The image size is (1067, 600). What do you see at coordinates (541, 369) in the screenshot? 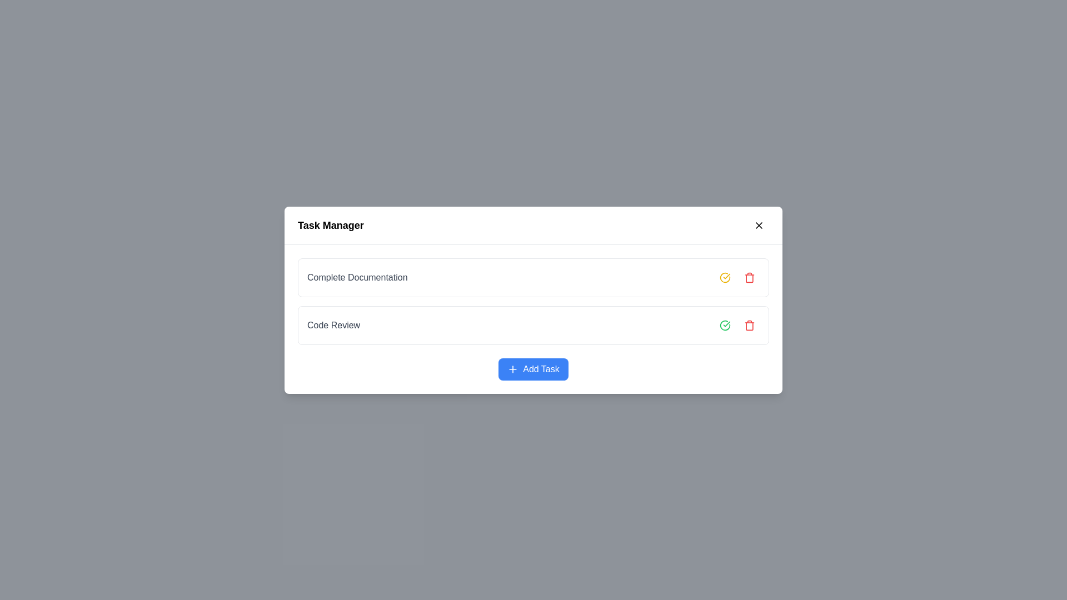
I see `the 'Add Task' text label which is part of a blue button with a '+' icon` at bounding box center [541, 369].